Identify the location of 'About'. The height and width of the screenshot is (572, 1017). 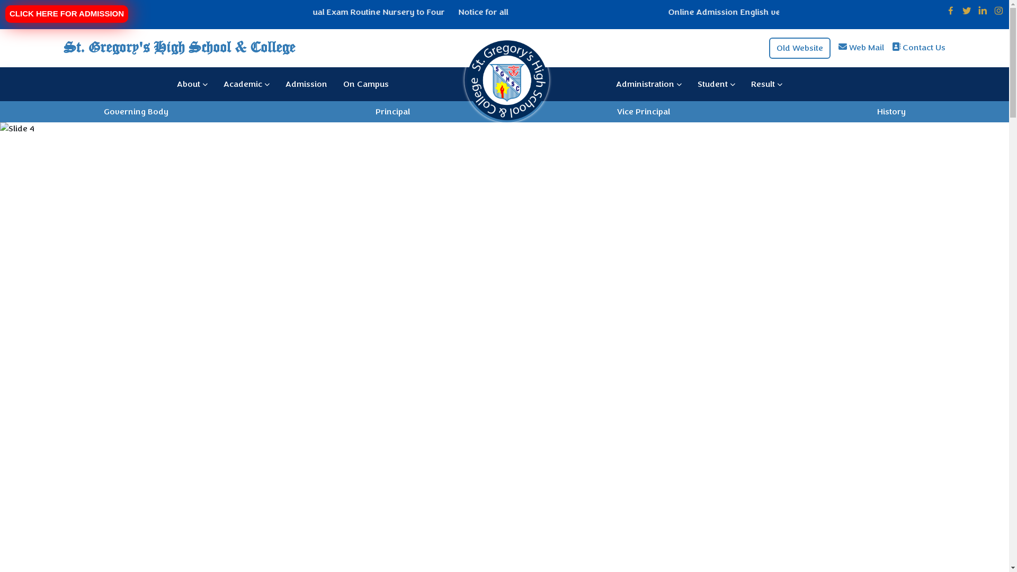
(192, 83).